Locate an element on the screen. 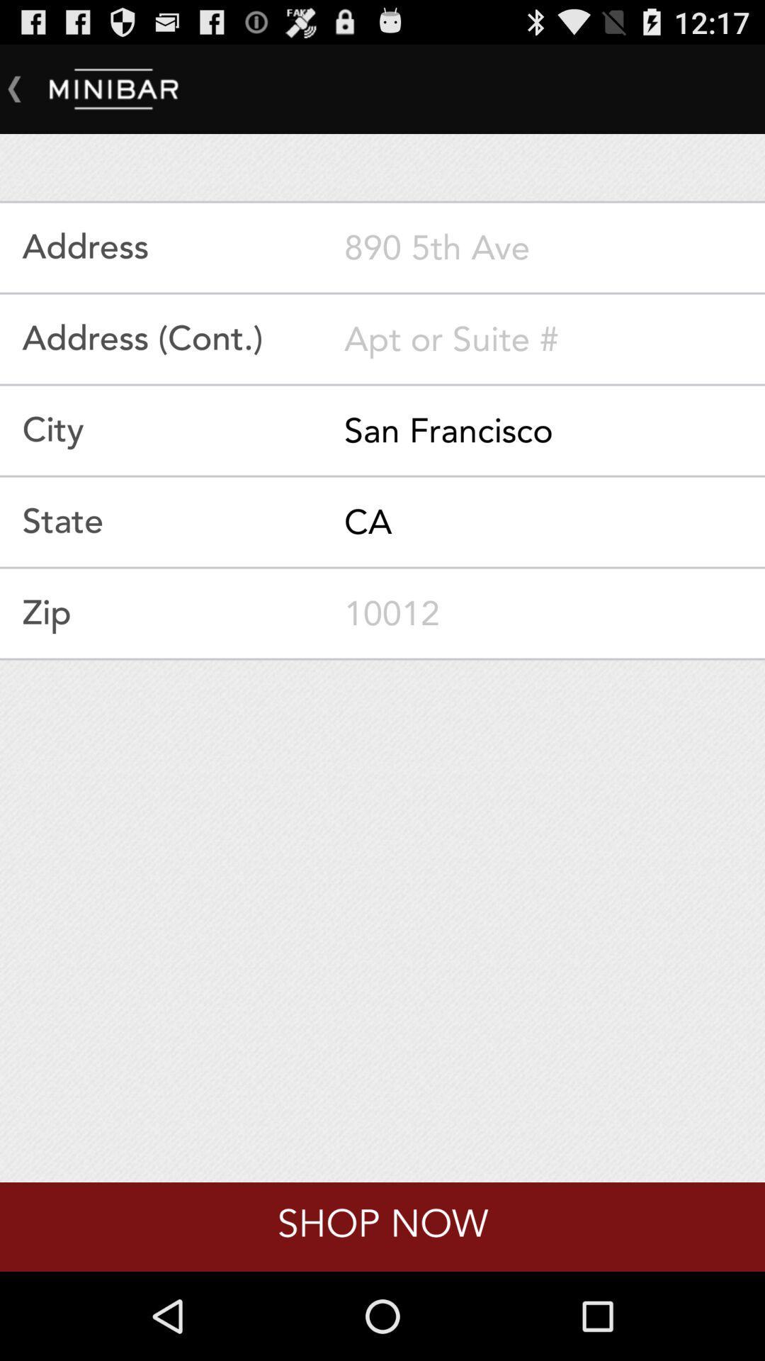  the address is located at coordinates (554, 247).